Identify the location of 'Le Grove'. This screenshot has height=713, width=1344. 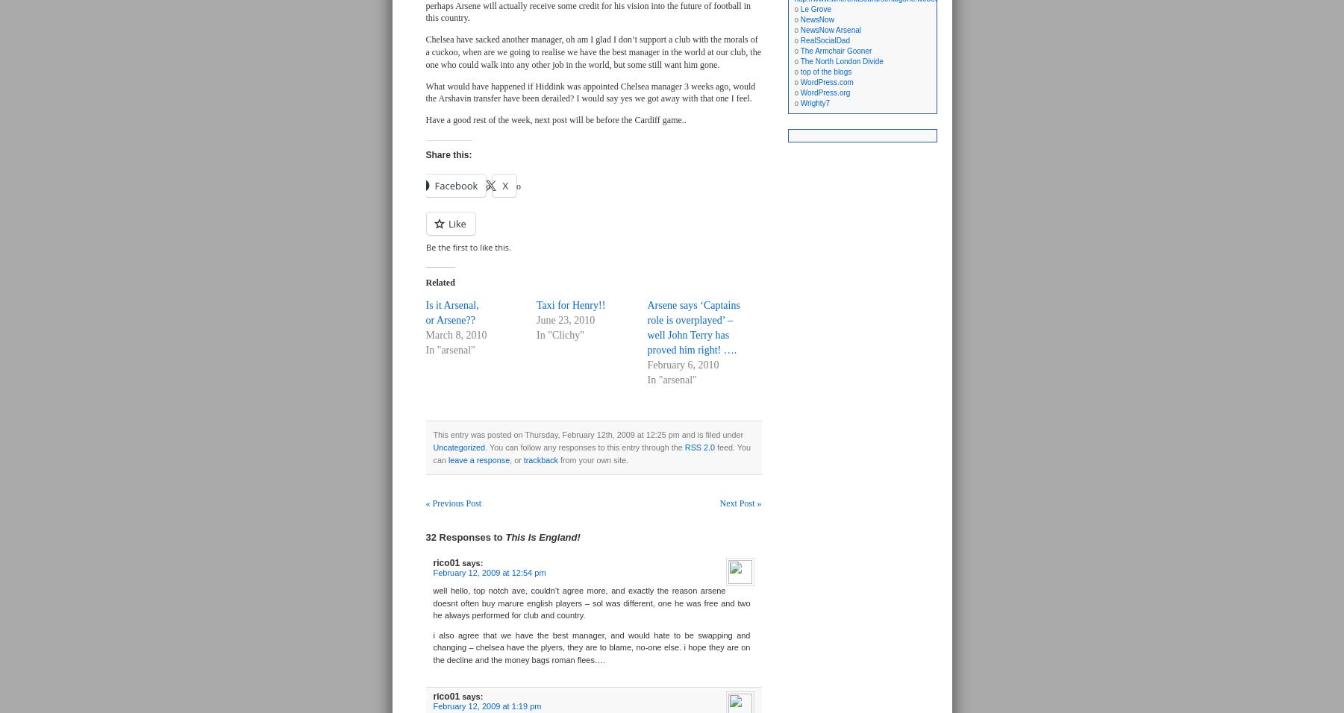
(814, 8).